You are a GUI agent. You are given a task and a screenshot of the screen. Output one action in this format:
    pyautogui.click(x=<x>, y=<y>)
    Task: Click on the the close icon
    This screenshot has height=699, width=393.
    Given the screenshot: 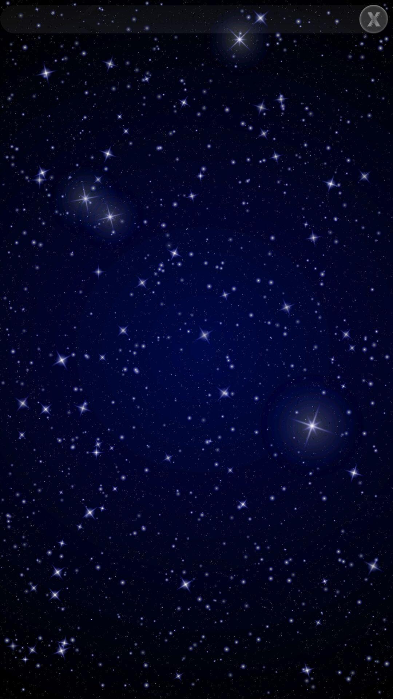 What is the action you would take?
    pyautogui.click(x=374, y=19)
    